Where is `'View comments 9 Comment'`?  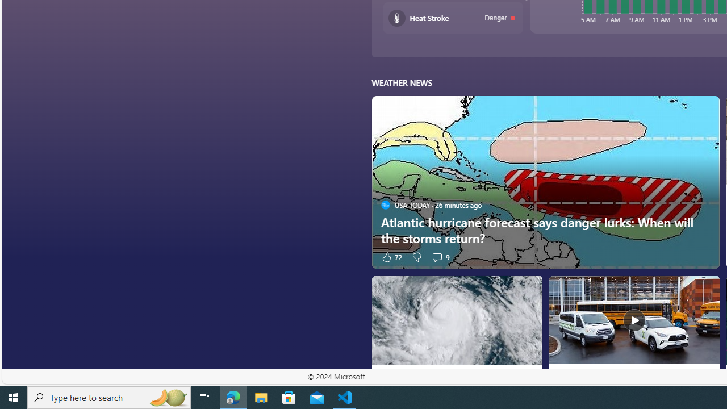 'View comments 9 Comment' is located at coordinates (436, 257).